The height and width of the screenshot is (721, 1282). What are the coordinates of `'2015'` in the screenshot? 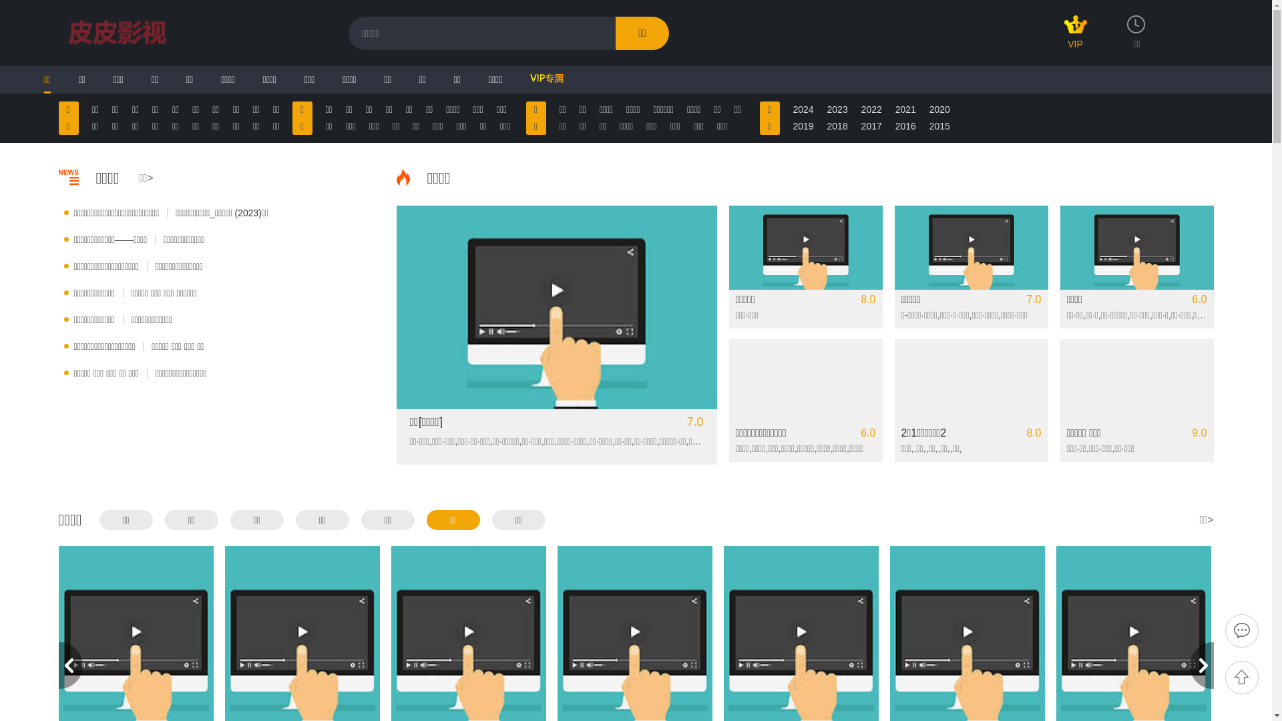 It's located at (939, 126).